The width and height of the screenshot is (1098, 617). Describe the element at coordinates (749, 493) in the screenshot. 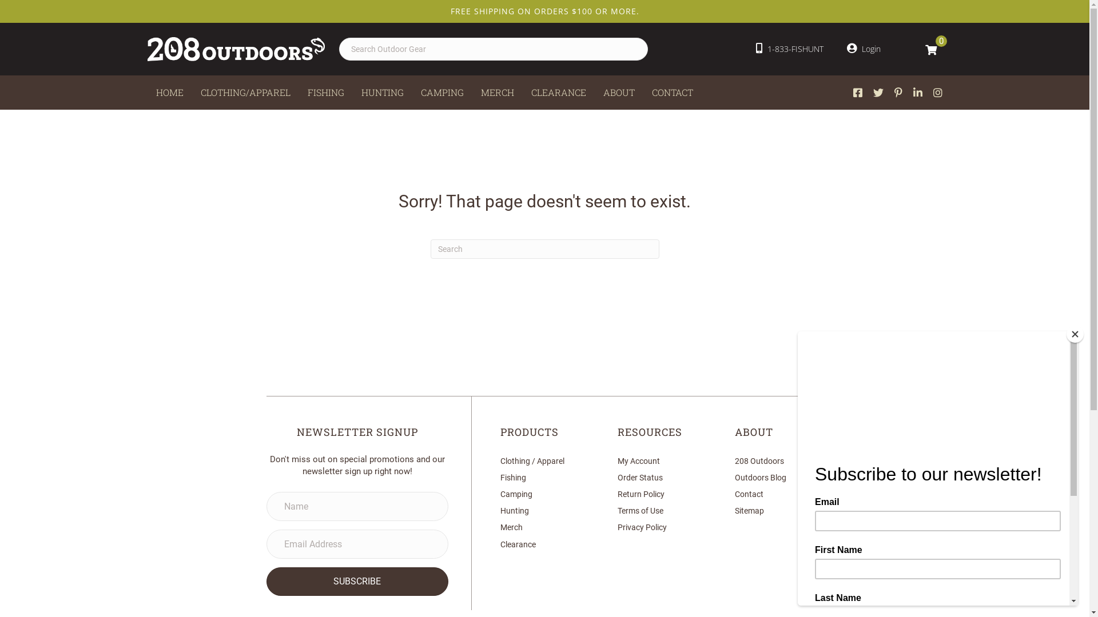

I see `'Contact'` at that location.